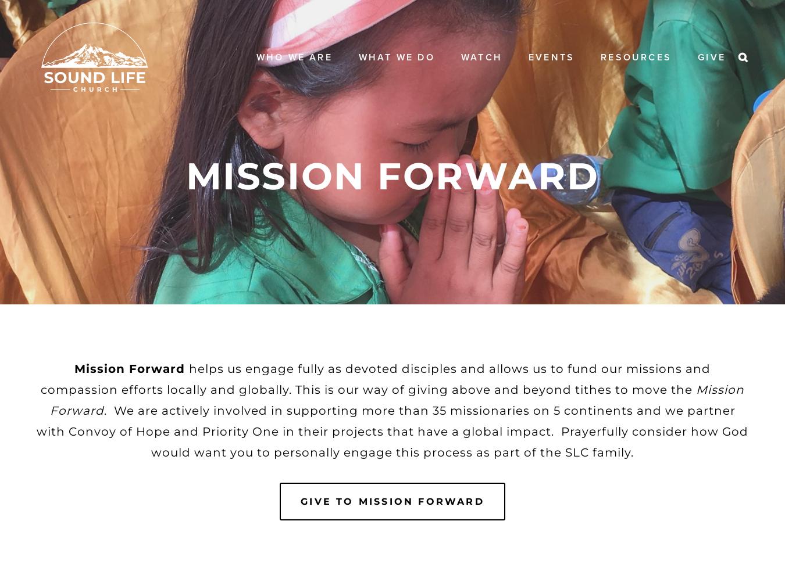  I want to click on 'MISSION FORWARD', so click(392, 175).